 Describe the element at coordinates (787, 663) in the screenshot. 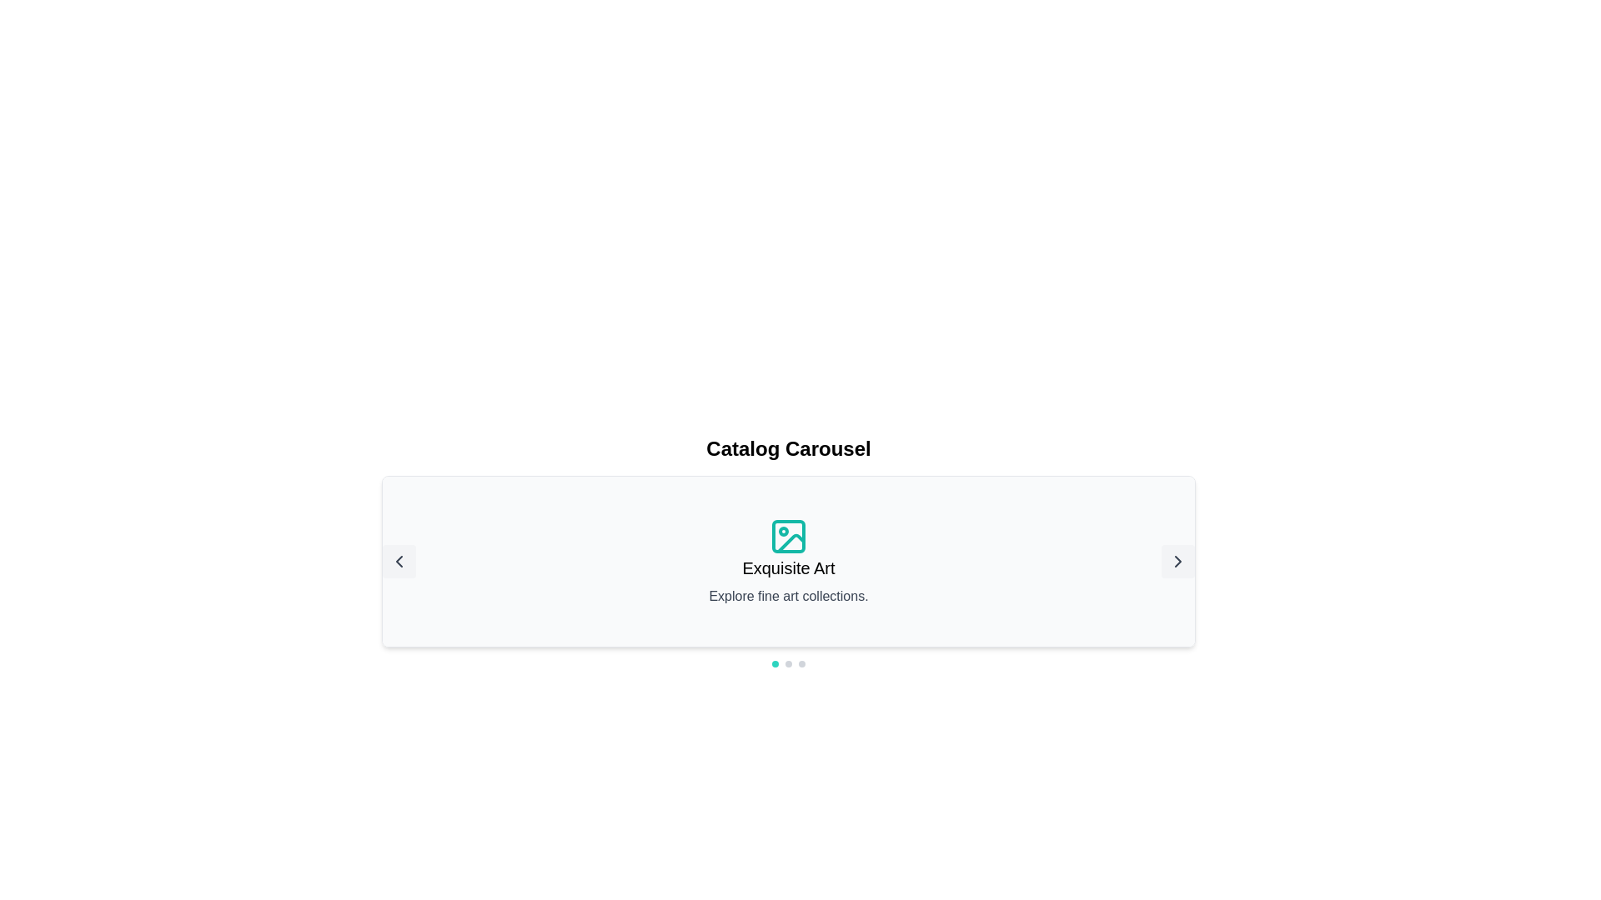

I see `the central teal indicator of the Carousel Indicator` at that location.